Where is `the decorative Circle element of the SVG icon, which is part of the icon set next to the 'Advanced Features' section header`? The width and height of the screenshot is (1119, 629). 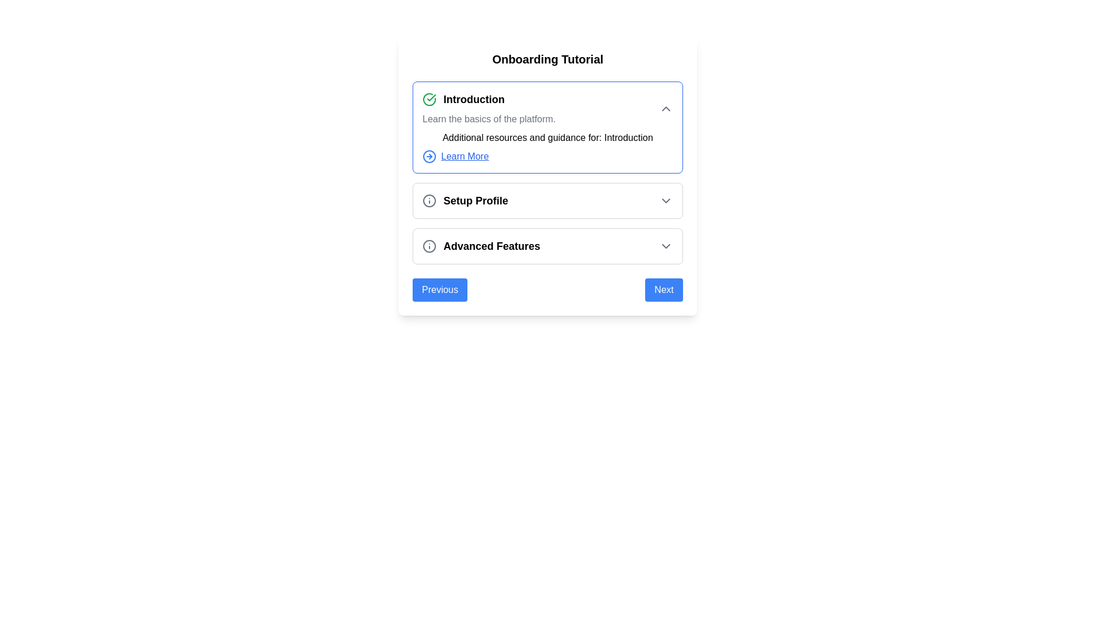 the decorative Circle element of the SVG icon, which is part of the icon set next to the 'Advanced Features' section header is located at coordinates (429, 200).